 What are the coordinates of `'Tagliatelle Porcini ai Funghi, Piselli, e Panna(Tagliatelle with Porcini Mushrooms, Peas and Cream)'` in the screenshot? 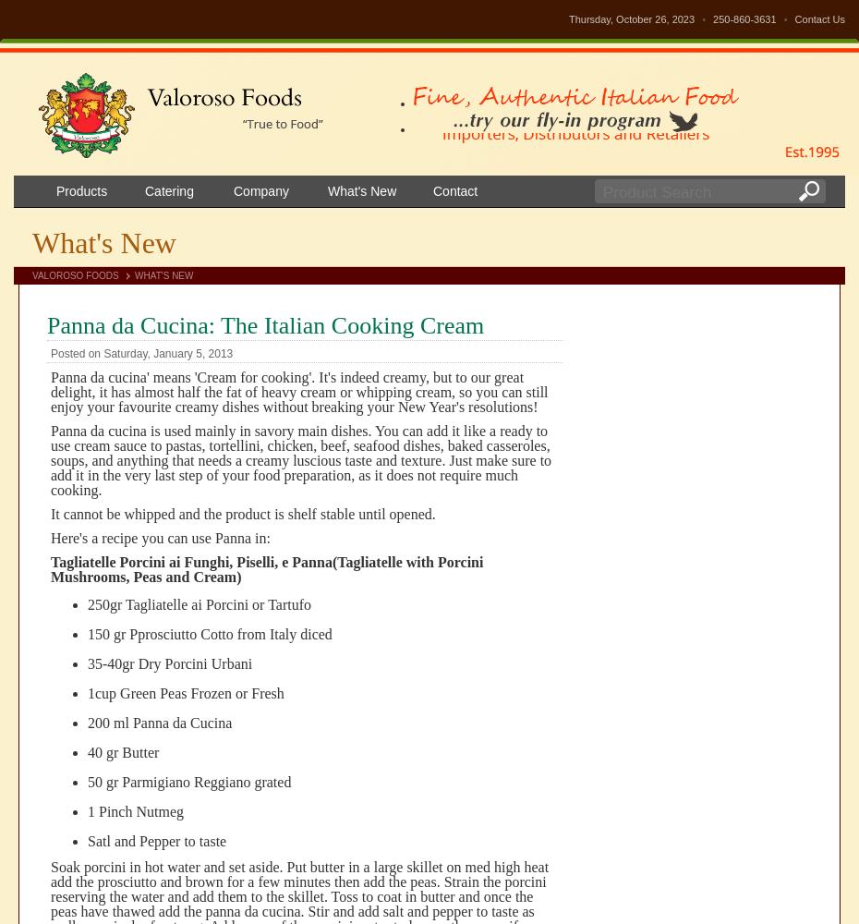 It's located at (267, 568).